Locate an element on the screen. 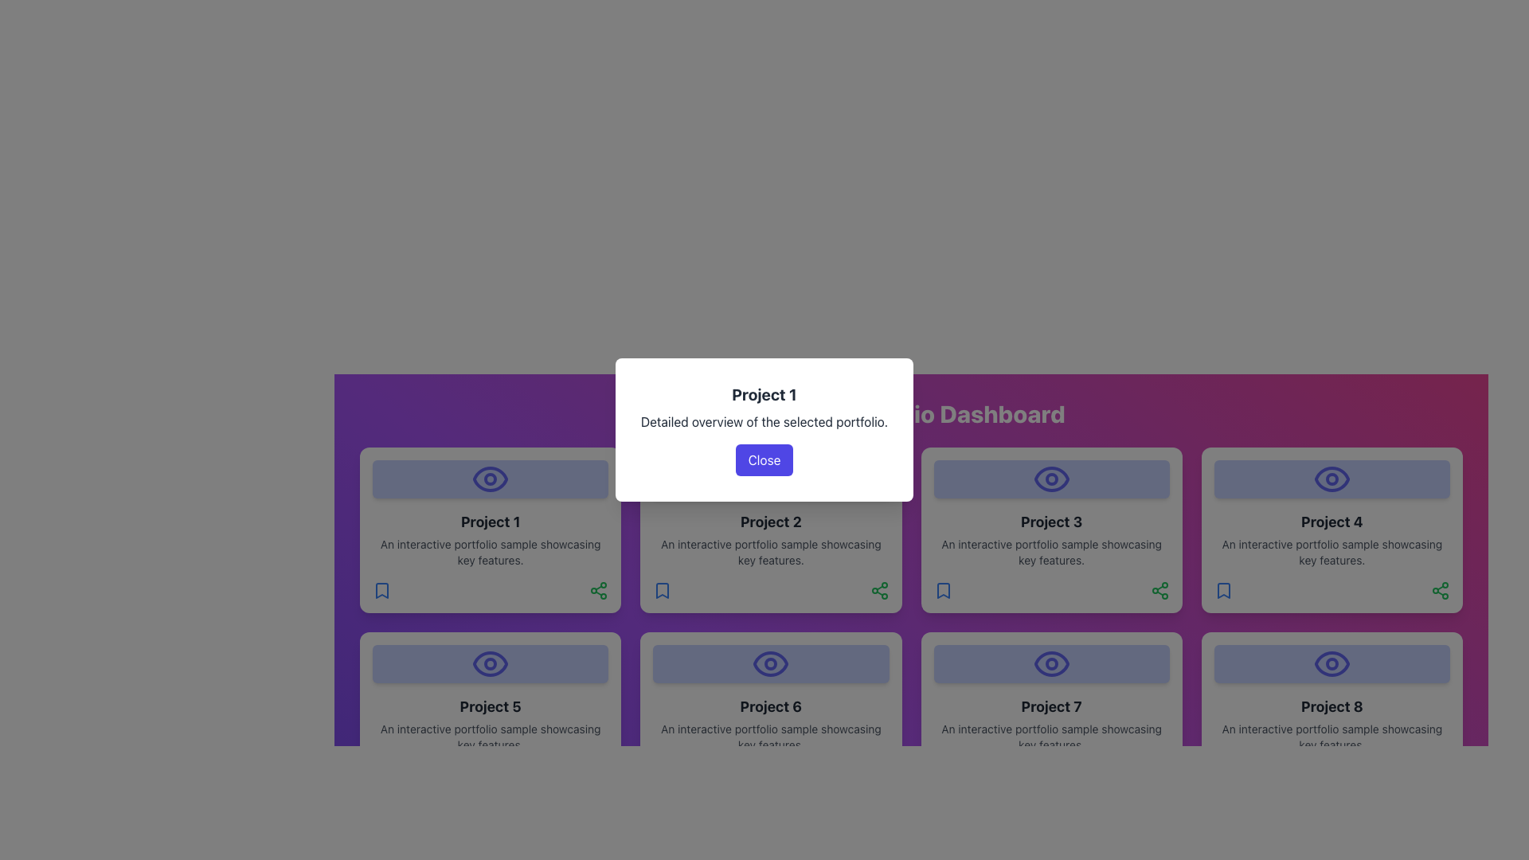 The image size is (1529, 860). the text label 'Project 8' which is styled in bold dark gray and located below a blue icon in the eighth card of the portfolio grid is located at coordinates (1332, 706).